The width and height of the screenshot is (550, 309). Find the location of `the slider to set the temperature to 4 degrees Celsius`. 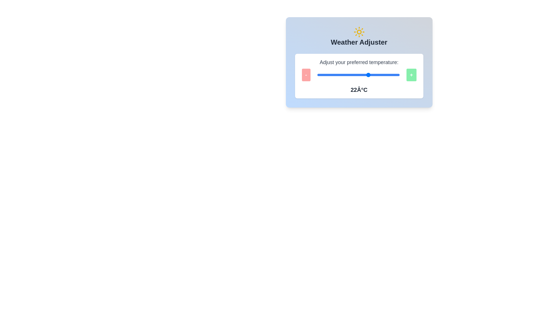

the slider to set the temperature to 4 degrees Celsius is located at coordinates (327, 75).